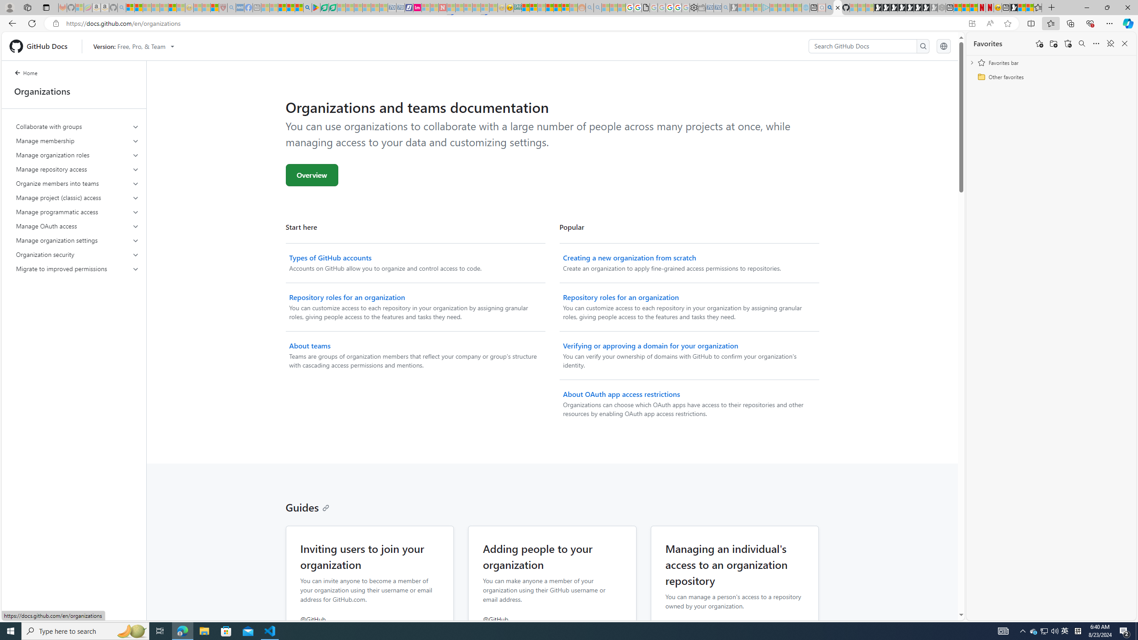 This screenshot has width=1138, height=640. What do you see at coordinates (78, 197) in the screenshot?
I see `'Manage project (classic) access'` at bounding box center [78, 197].